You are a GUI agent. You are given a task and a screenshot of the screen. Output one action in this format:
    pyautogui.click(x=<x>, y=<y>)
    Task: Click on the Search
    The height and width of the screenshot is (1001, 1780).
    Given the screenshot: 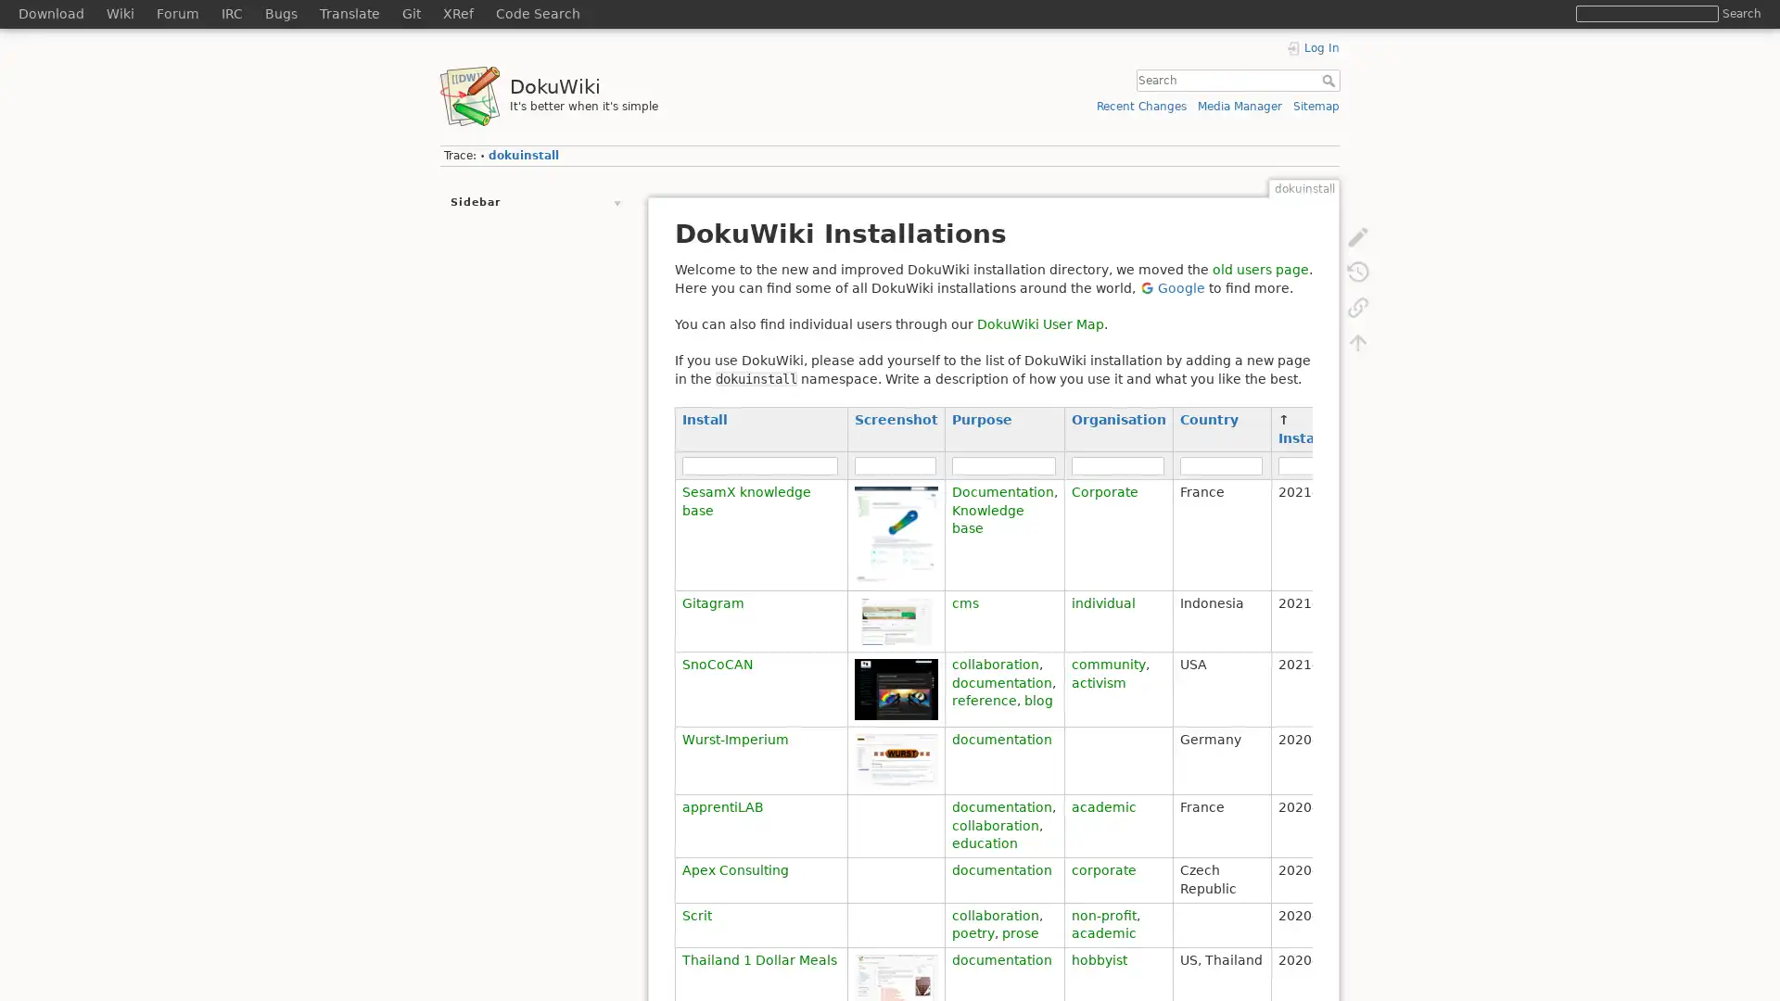 What is the action you would take?
    pyautogui.click(x=1329, y=80)
    